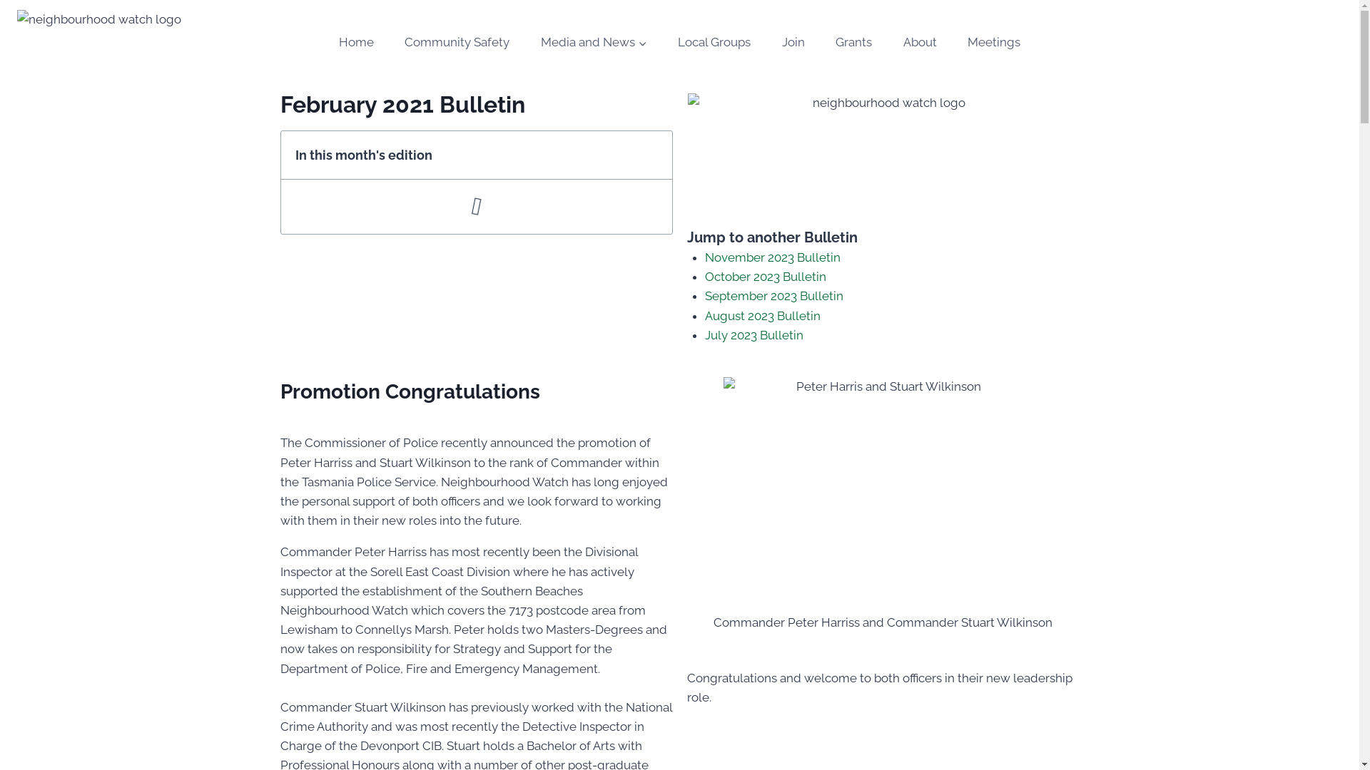 The image size is (1370, 770). Describe the element at coordinates (356, 42) in the screenshot. I see `'Home'` at that location.